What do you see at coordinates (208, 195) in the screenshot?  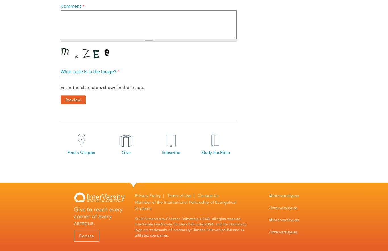 I see `'Contact Us'` at bounding box center [208, 195].